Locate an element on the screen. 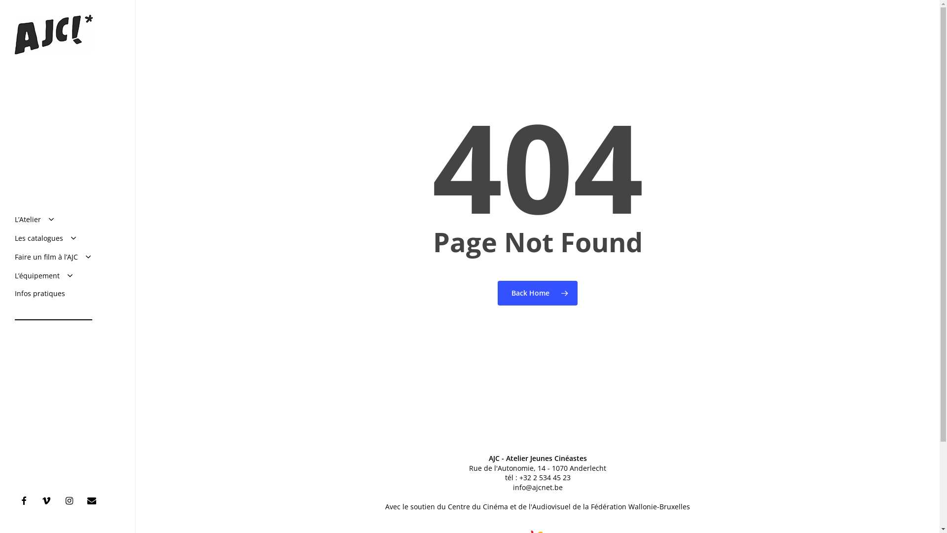 Image resolution: width=947 pixels, height=533 pixels. 'instagram' is located at coordinates (71, 500).